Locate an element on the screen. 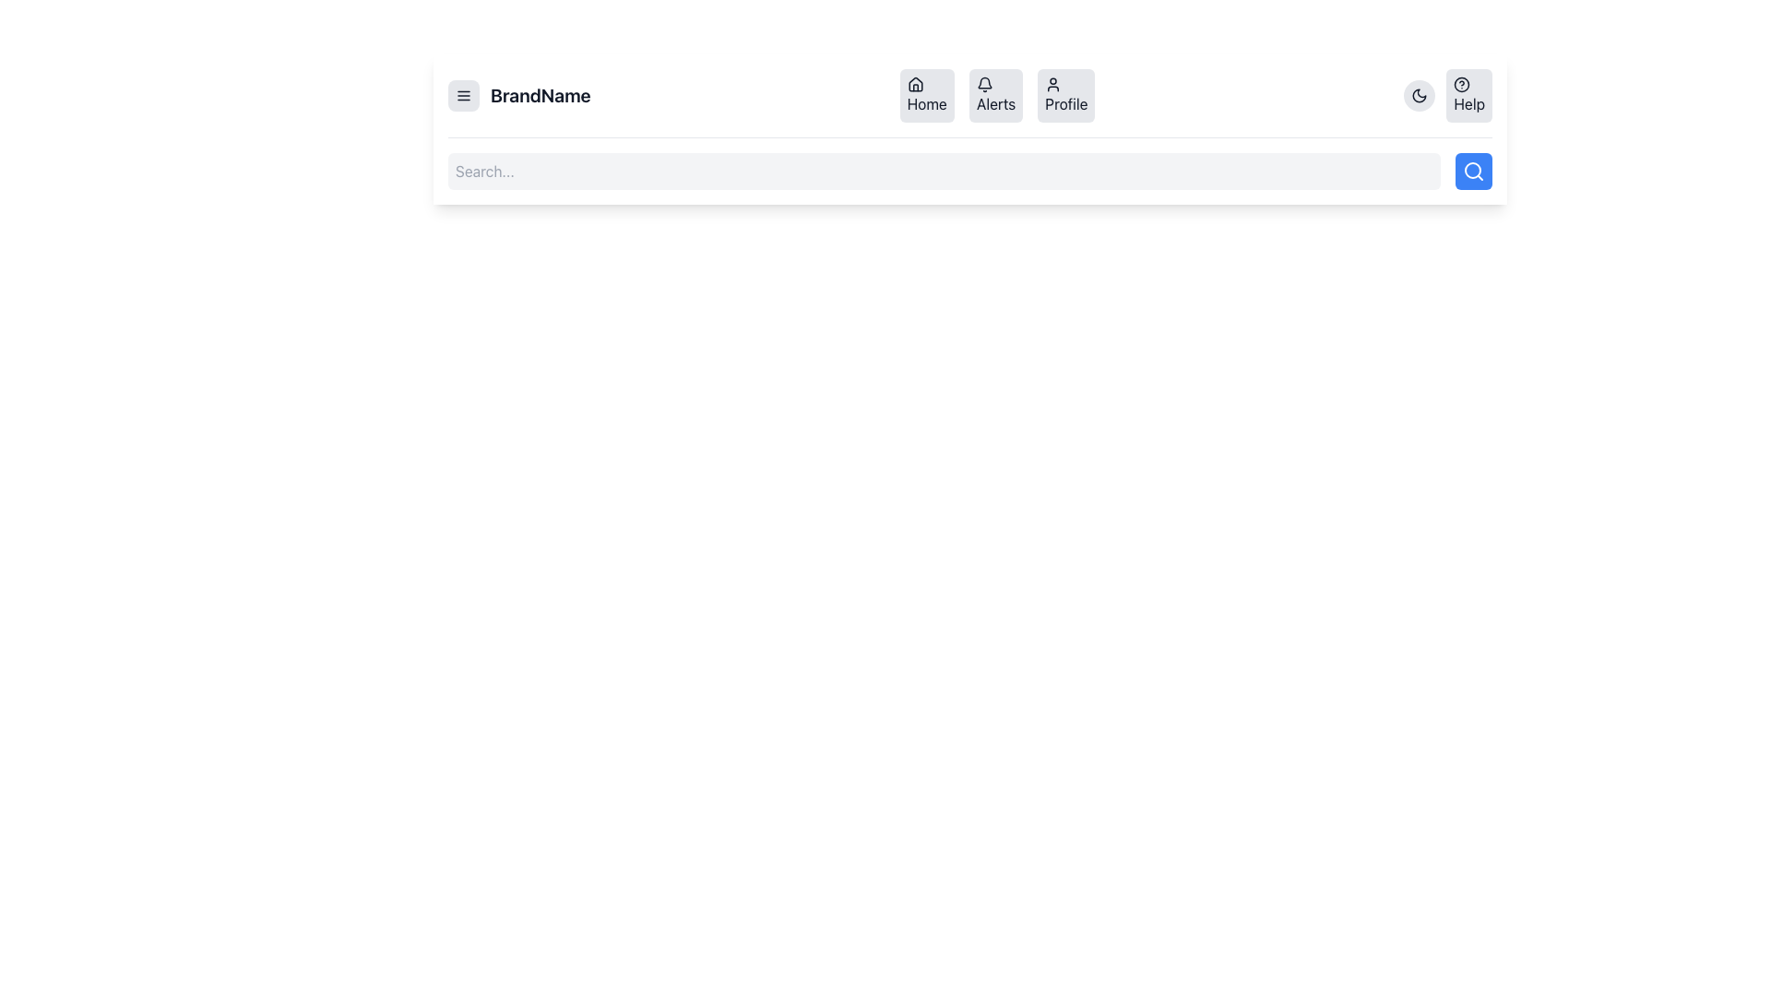 The height and width of the screenshot is (996, 1771). the SVG icon in the top-right corner of the interface, which toggles between light and dark modes of the interface is located at coordinates (1419, 96).